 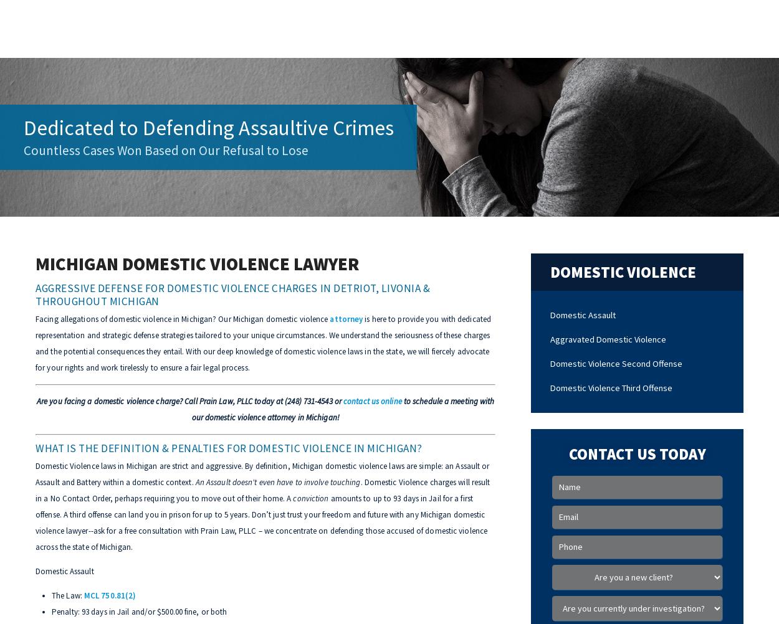 I want to click on 'Please select an option.', so click(x=684, y=598).